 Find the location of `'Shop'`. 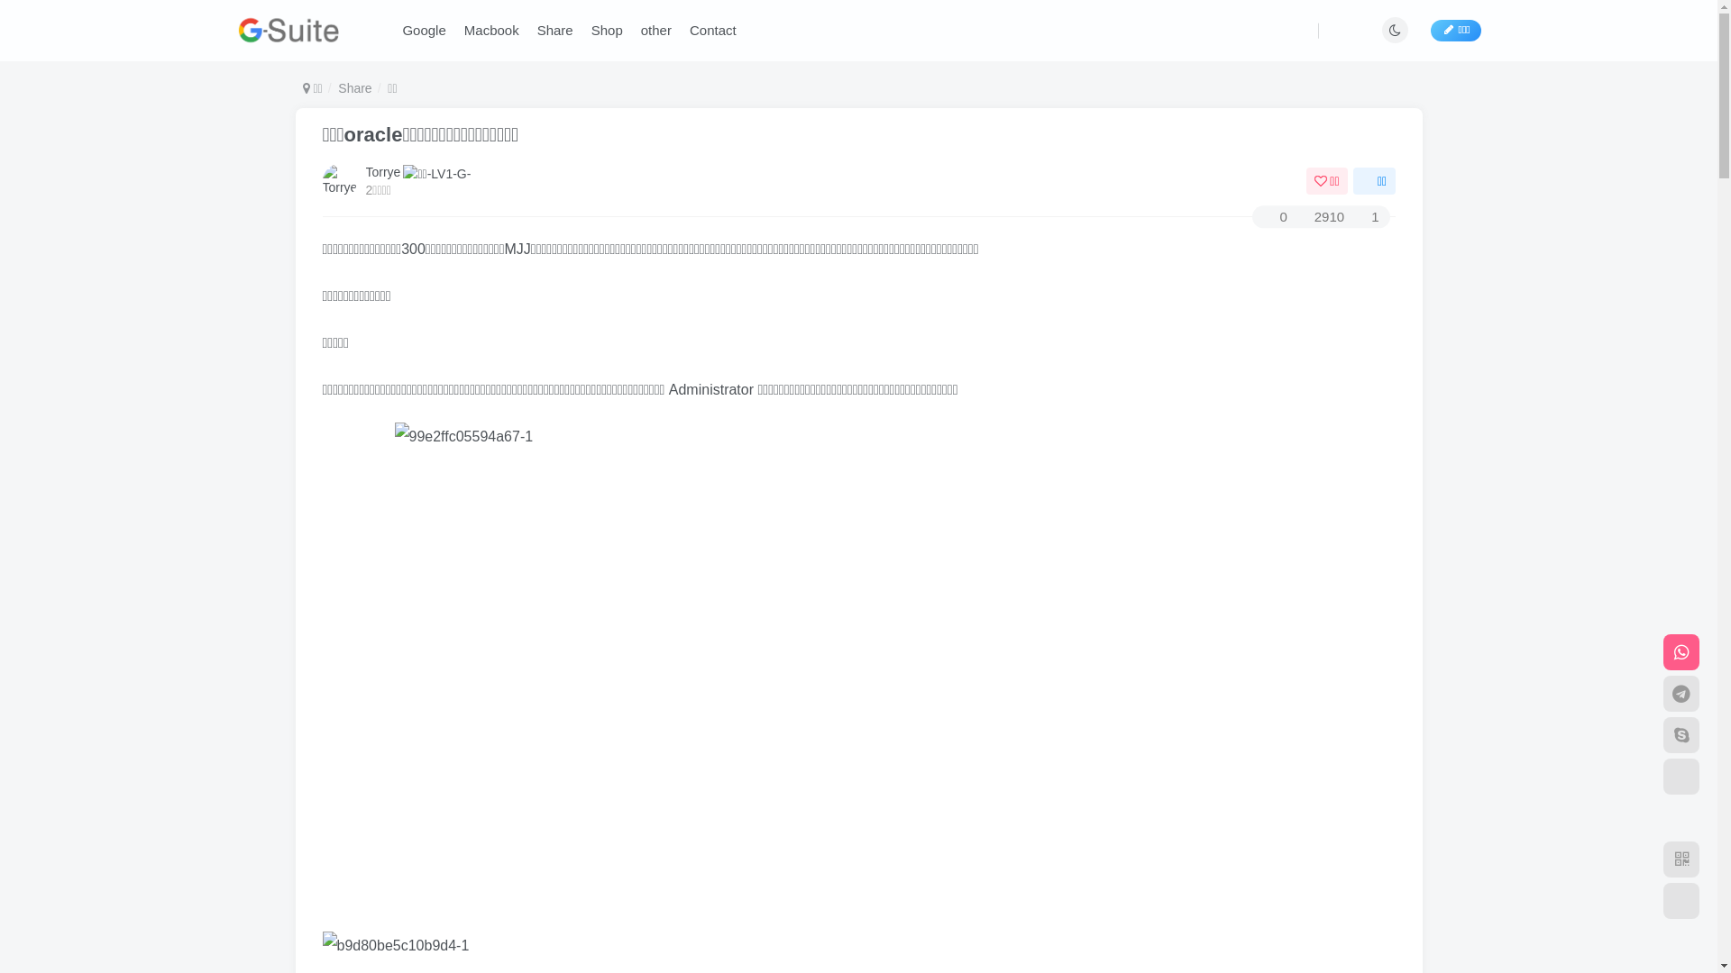

'Shop' is located at coordinates (607, 31).